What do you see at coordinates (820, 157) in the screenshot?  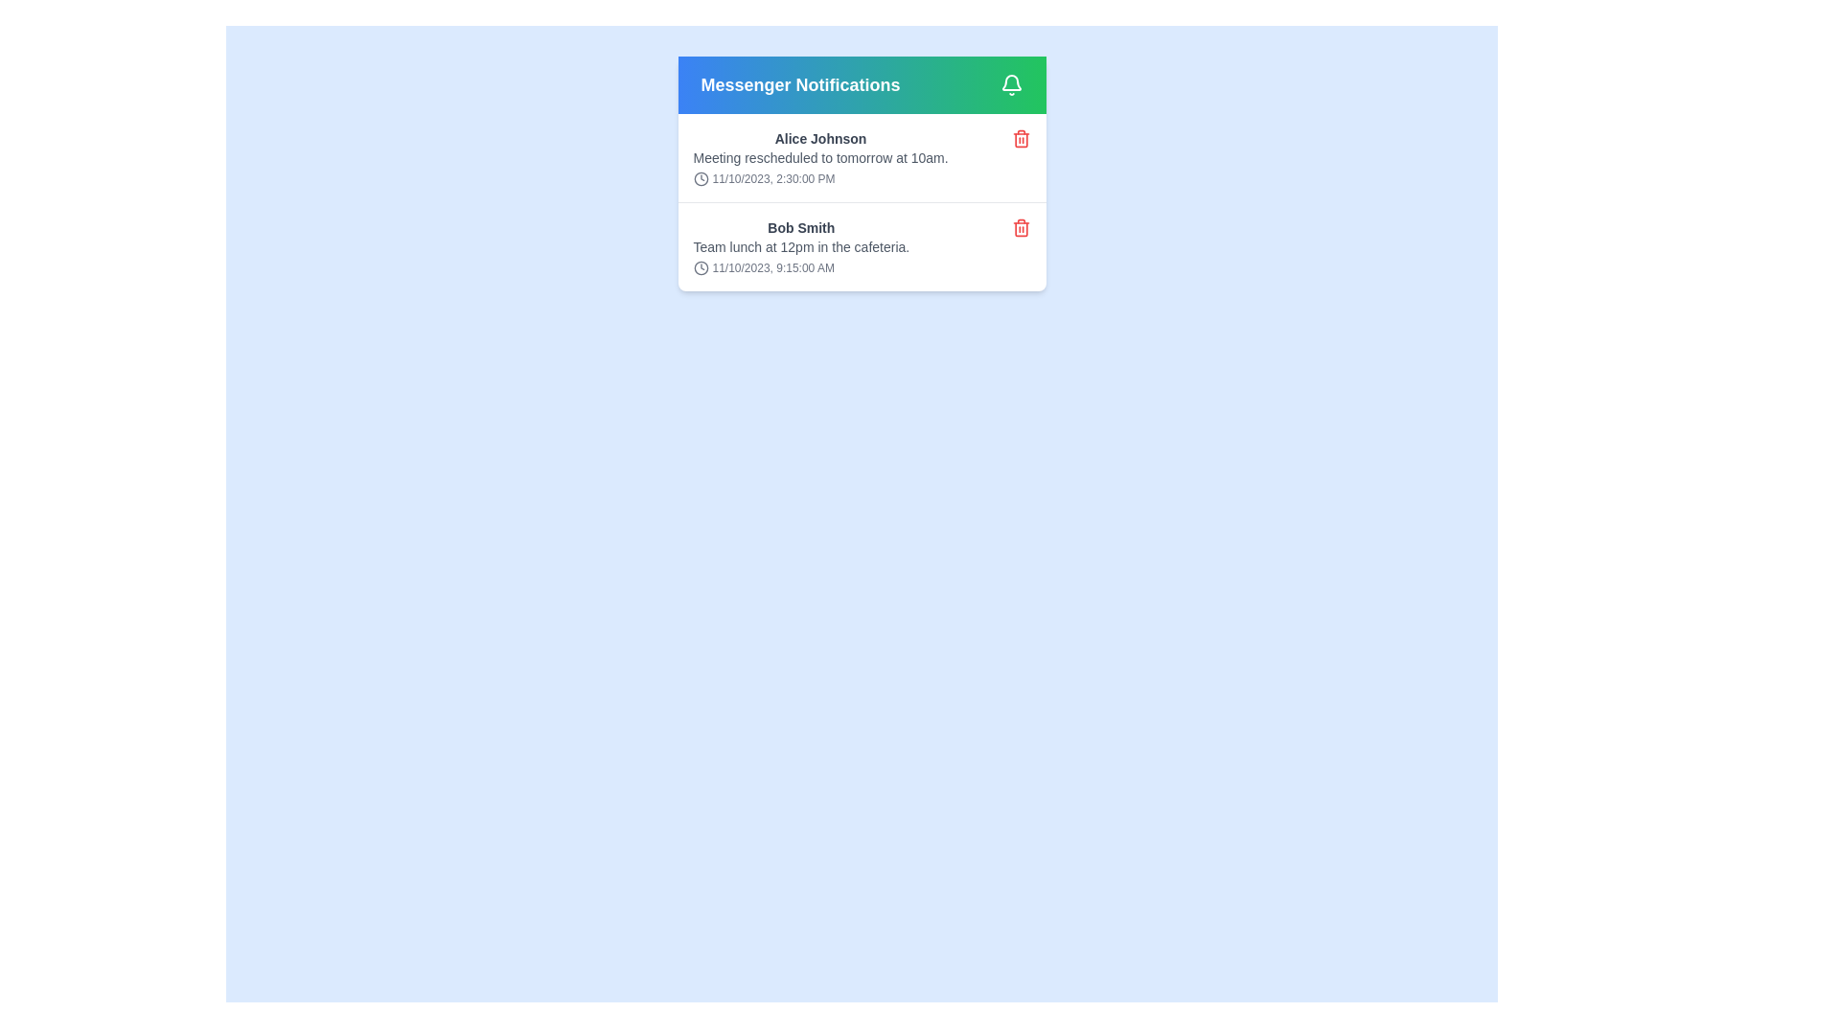 I see `the notification item displaying 'Alice Johnson' with the message 'Meeting rescheduled to tomorrow at 10am.'` at bounding box center [820, 157].